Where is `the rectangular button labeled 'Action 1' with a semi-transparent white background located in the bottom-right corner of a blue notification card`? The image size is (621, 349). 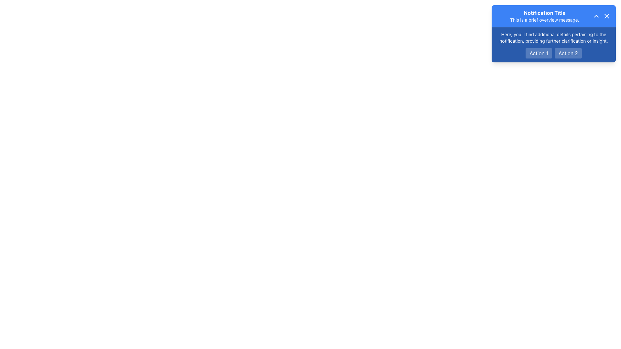
the rectangular button labeled 'Action 1' with a semi-transparent white background located in the bottom-right corner of a blue notification card is located at coordinates (539, 53).